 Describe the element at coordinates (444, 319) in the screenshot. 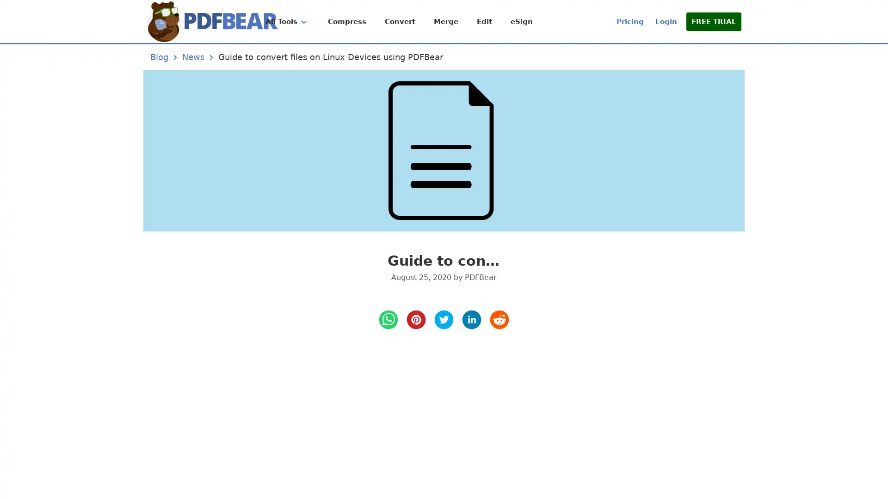

I see `twitter` at that location.